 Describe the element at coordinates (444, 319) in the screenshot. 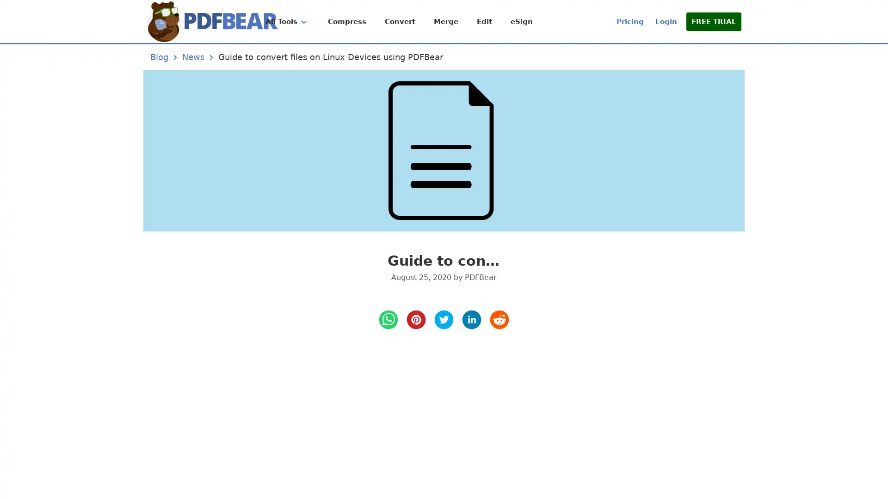

I see `twitter` at that location.